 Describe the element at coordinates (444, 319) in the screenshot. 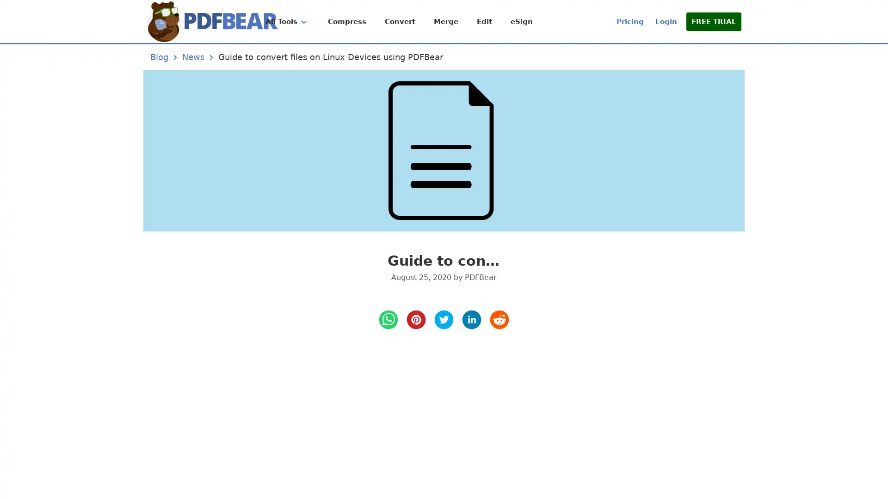

I see `twitter` at that location.